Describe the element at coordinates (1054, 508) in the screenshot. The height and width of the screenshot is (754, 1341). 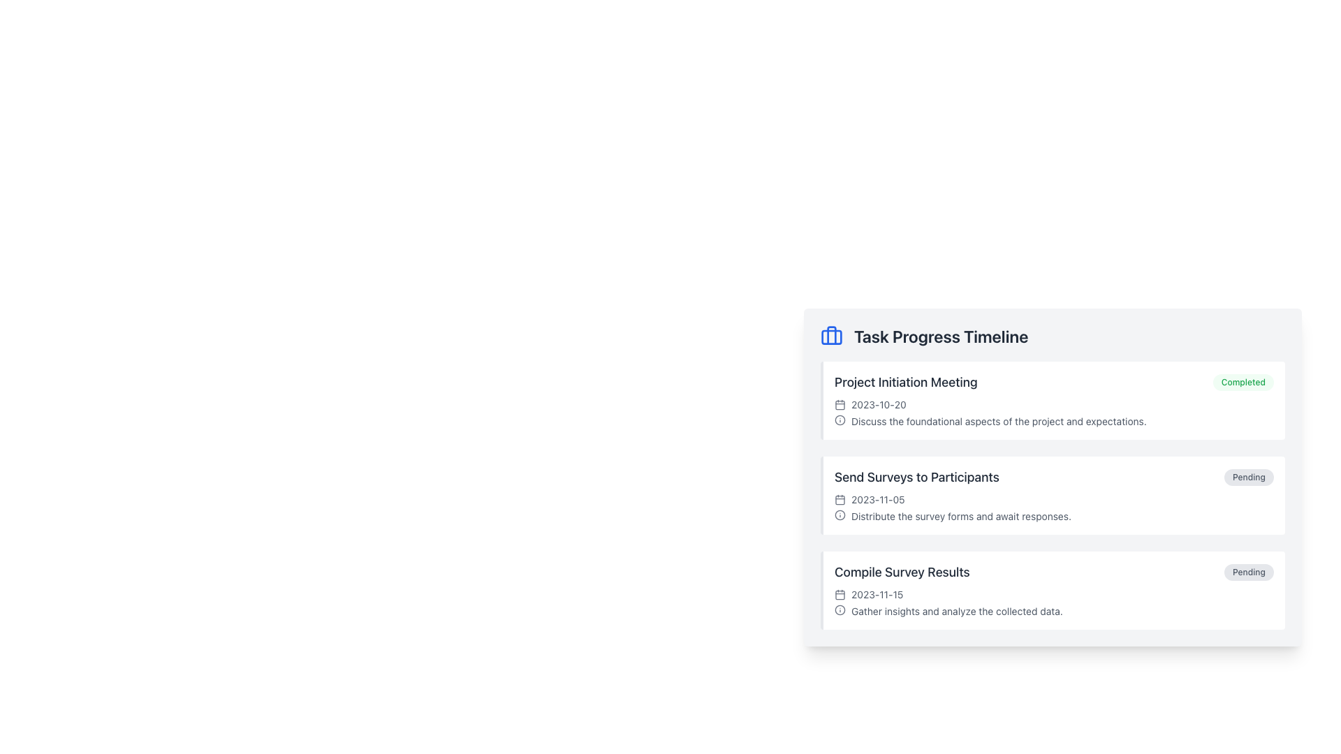
I see `the textual informational display that shows the date and task description, located in the 'Send Surveys to Participants' section below the title and aligned with the 'Pending' subtitle` at that location.